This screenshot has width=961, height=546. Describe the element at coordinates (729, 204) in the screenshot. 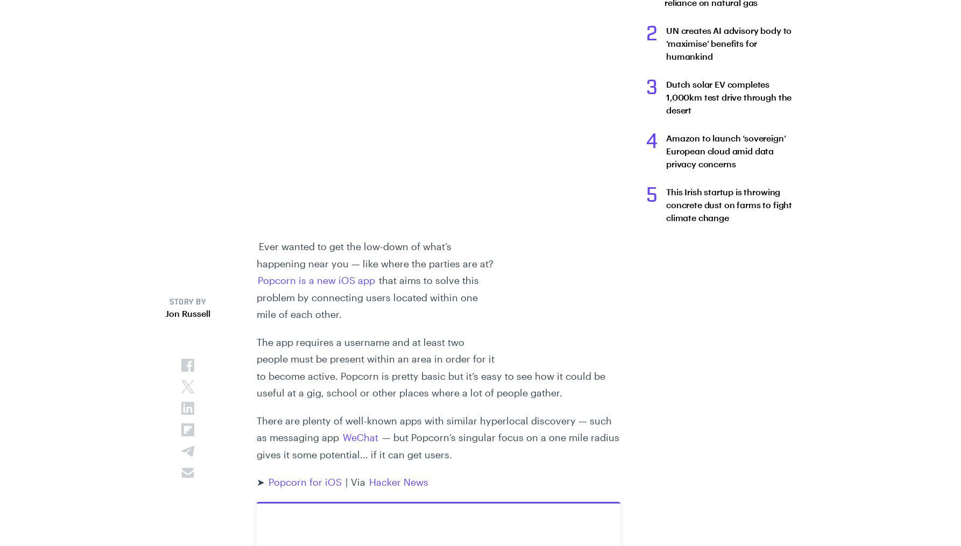

I see `'This Irish startup is throwing concrete dust on farms to fight climate change'` at that location.